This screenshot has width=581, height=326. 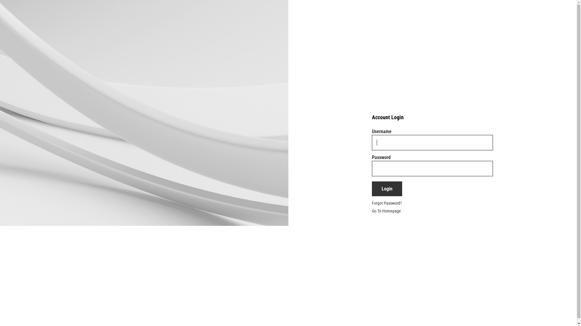 What do you see at coordinates (386, 203) in the screenshot?
I see `'Forgot Password?'` at bounding box center [386, 203].